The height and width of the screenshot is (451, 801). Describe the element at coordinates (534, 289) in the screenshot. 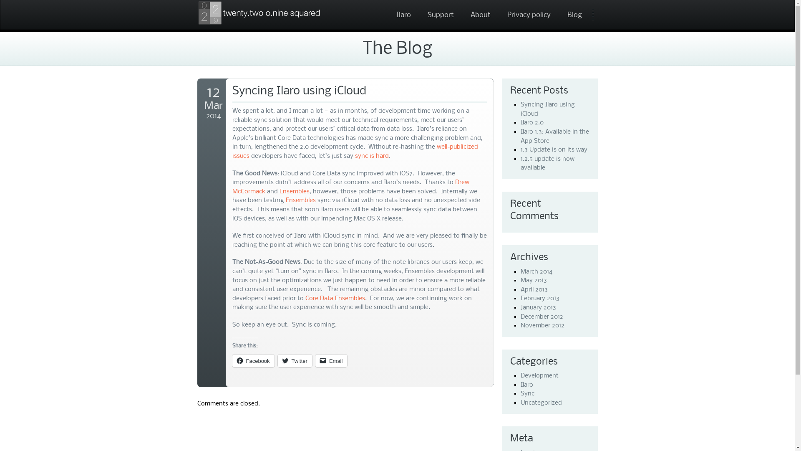

I see `'April 2013'` at that location.